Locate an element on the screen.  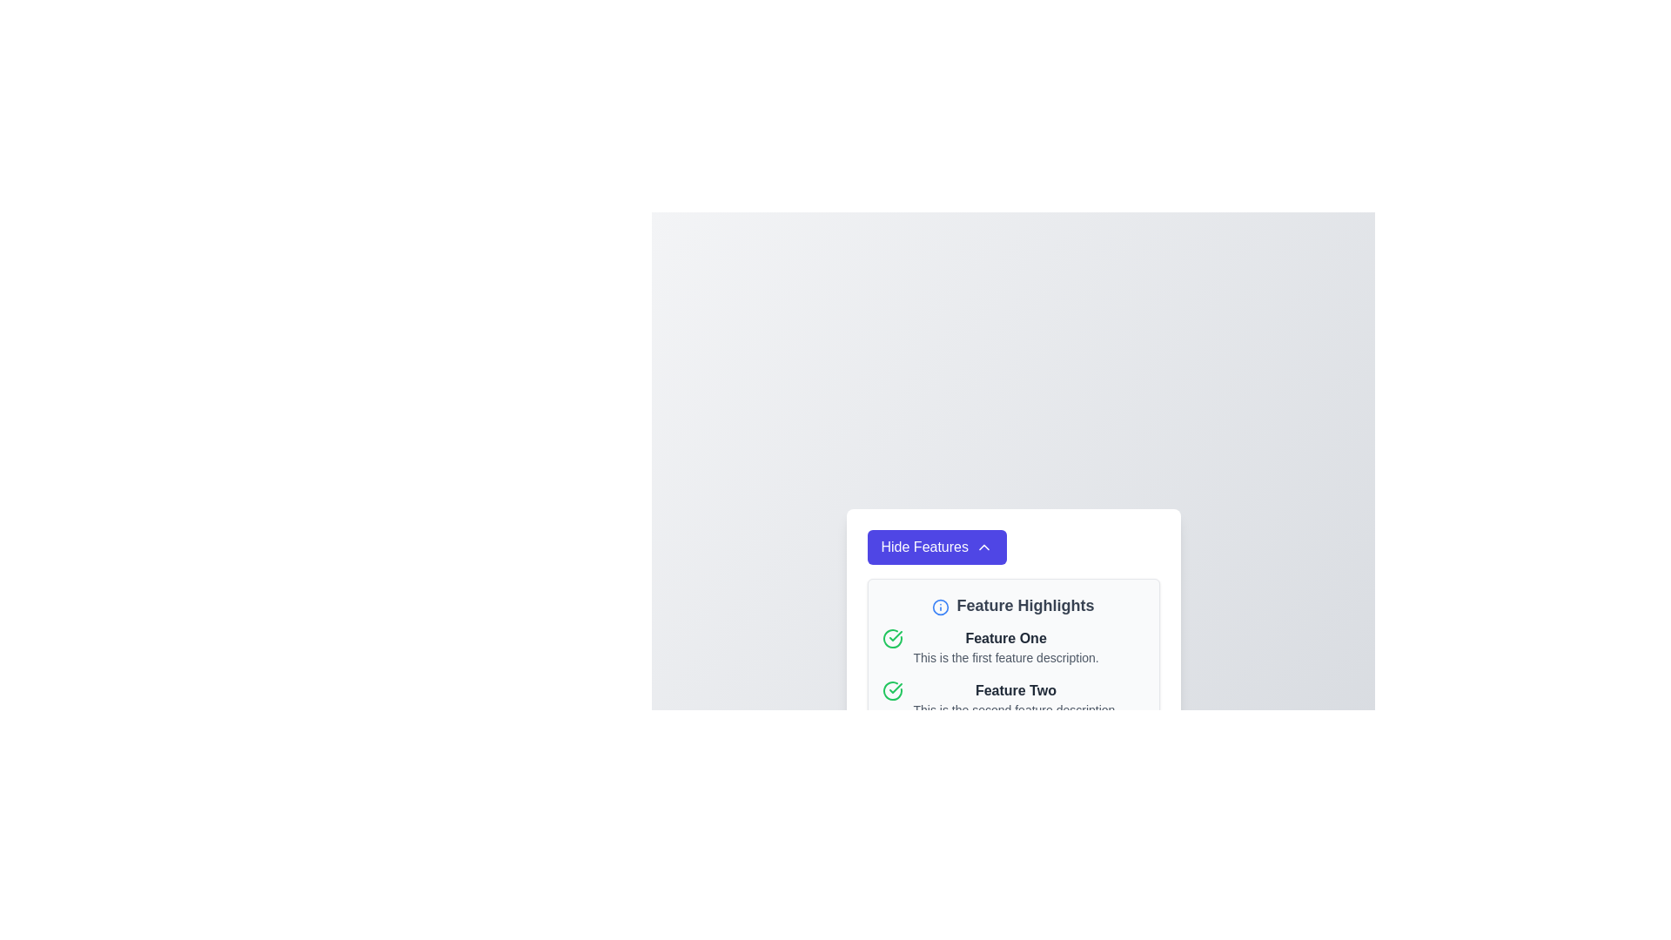
the icon that indicates the status of 'Feature One', which is positioned to the left of the 'Feature One' label is located at coordinates (892, 690).